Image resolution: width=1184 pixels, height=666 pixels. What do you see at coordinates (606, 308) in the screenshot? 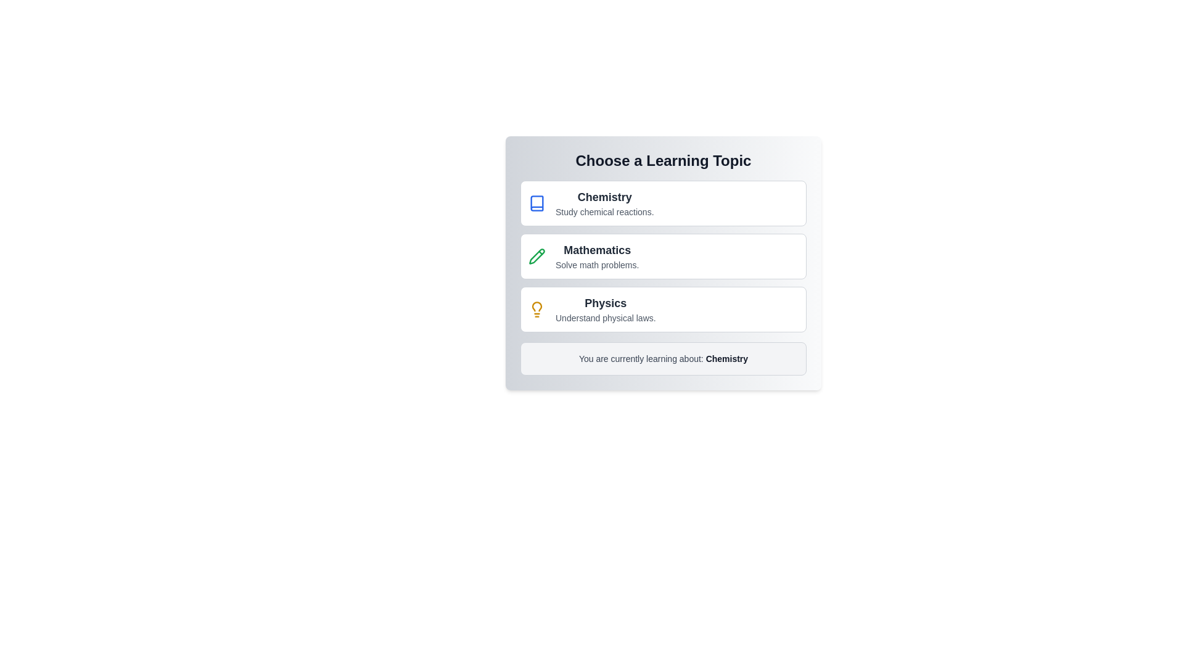
I see `the label displaying the title 'Physics' and the description 'Understand physical laws.' which is part of the third card in a vertical list of four cards` at bounding box center [606, 308].